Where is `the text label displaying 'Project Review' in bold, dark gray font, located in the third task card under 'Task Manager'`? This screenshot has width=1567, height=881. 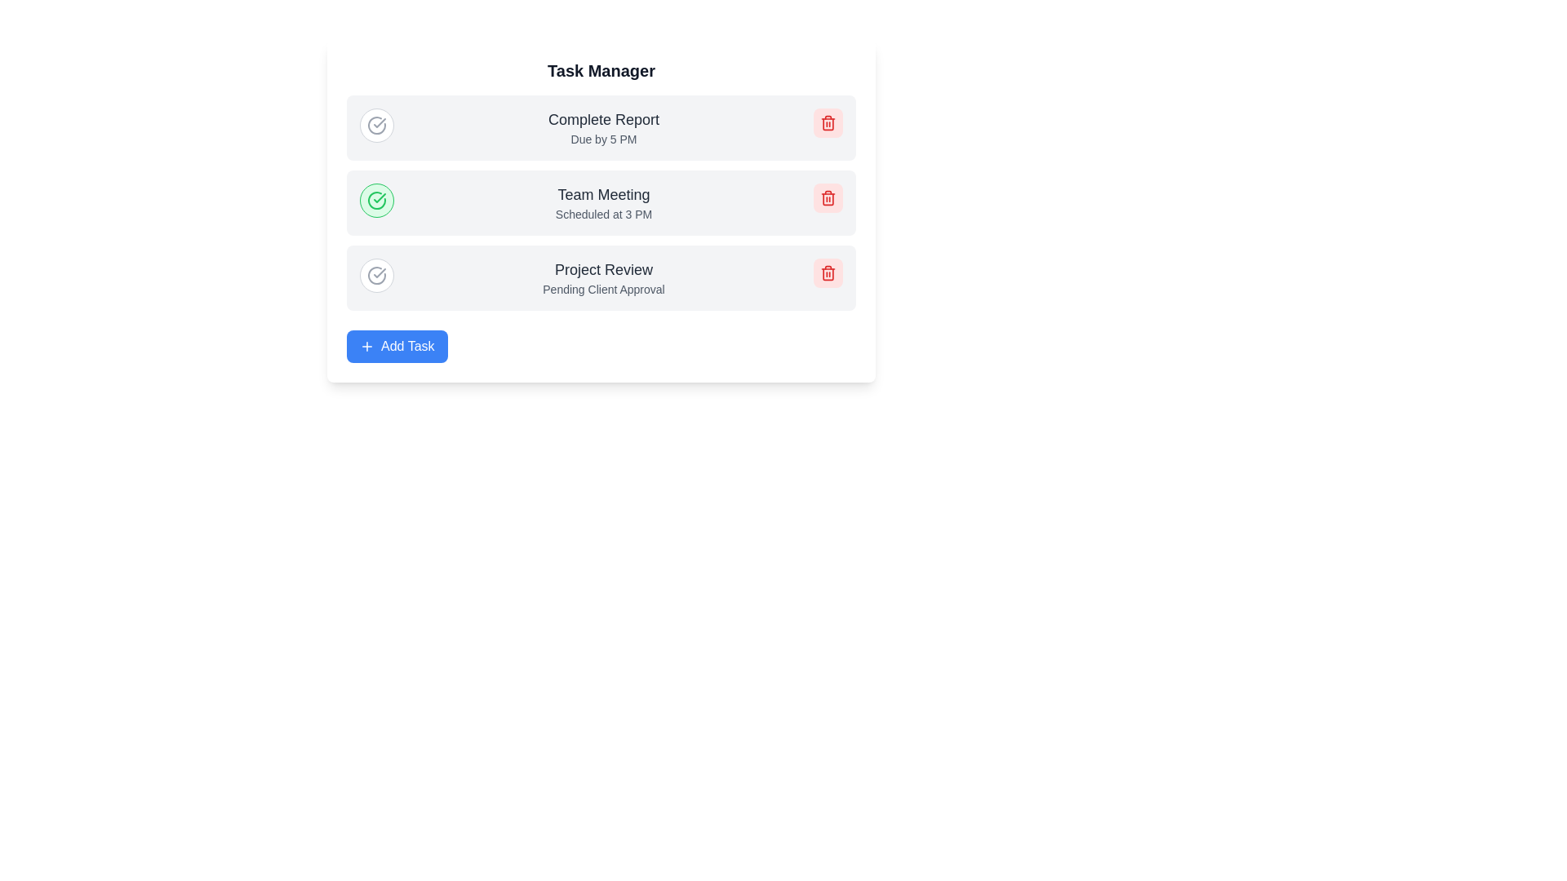
the text label displaying 'Project Review' in bold, dark gray font, located in the third task card under 'Task Manager' is located at coordinates (602, 269).